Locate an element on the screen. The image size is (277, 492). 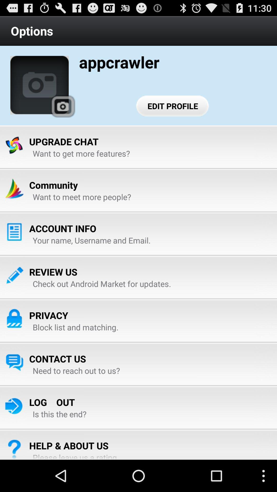
app above the help & about us is located at coordinates (59, 414).